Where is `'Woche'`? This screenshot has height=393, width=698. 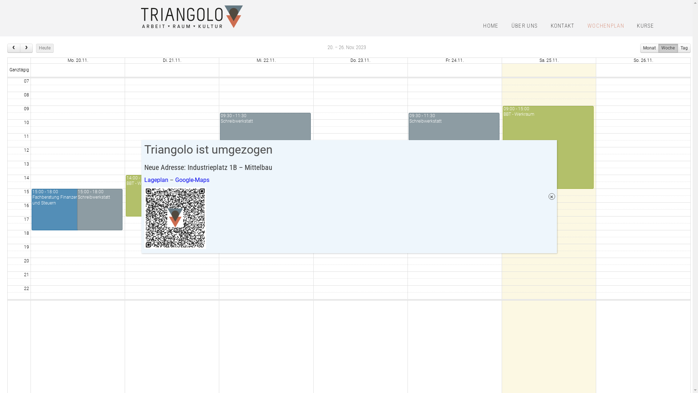
'Woche' is located at coordinates (668, 48).